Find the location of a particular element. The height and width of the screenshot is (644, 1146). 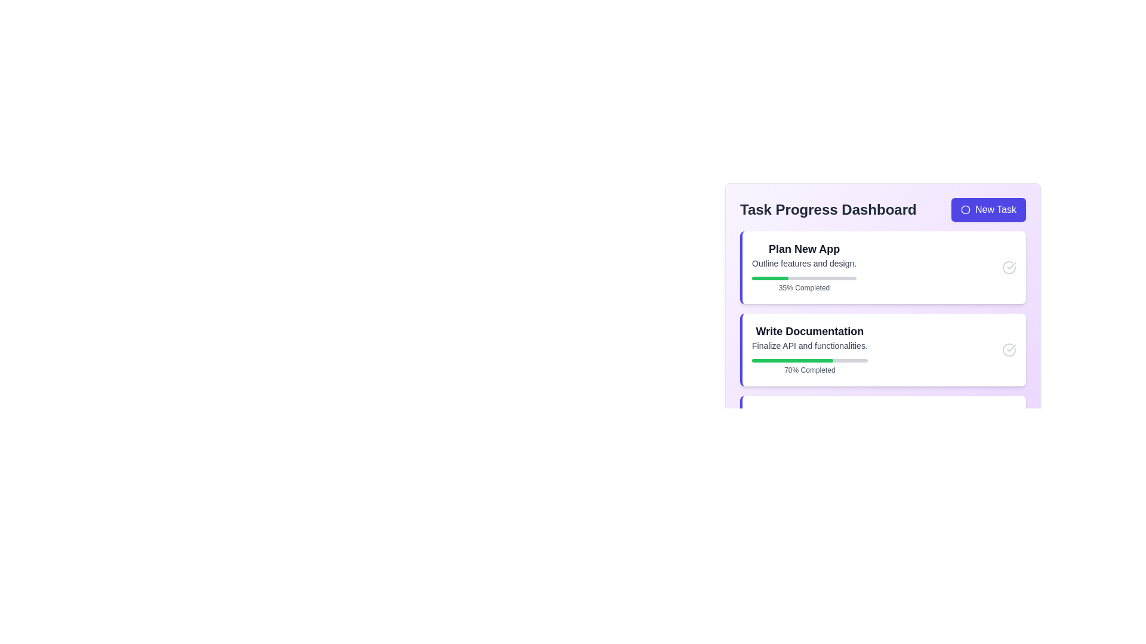

the Text Label element that reads 'Finalize API and functionalities.', which is located within the card layout titled 'Write Documentation' is located at coordinates (809, 345).